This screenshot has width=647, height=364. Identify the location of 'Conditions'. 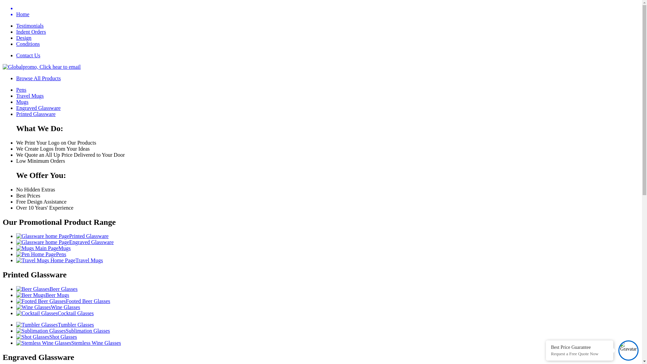
(16, 44).